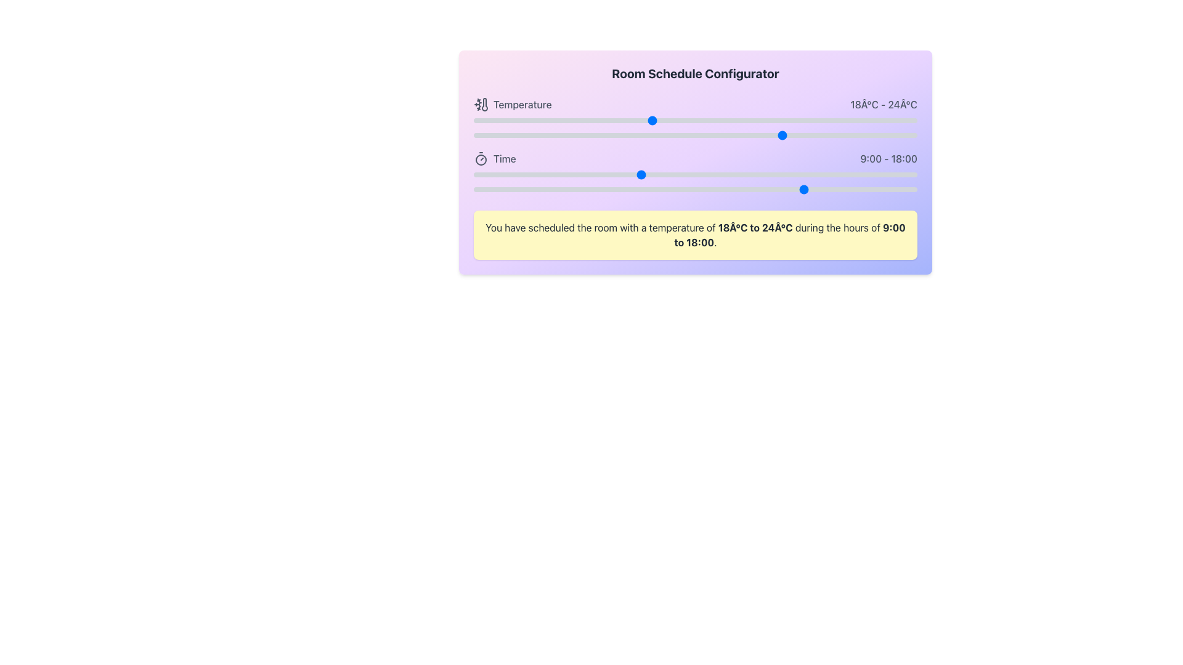 This screenshot has height=665, width=1183. What do you see at coordinates (713, 190) in the screenshot?
I see `the time` at bounding box center [713, 190].